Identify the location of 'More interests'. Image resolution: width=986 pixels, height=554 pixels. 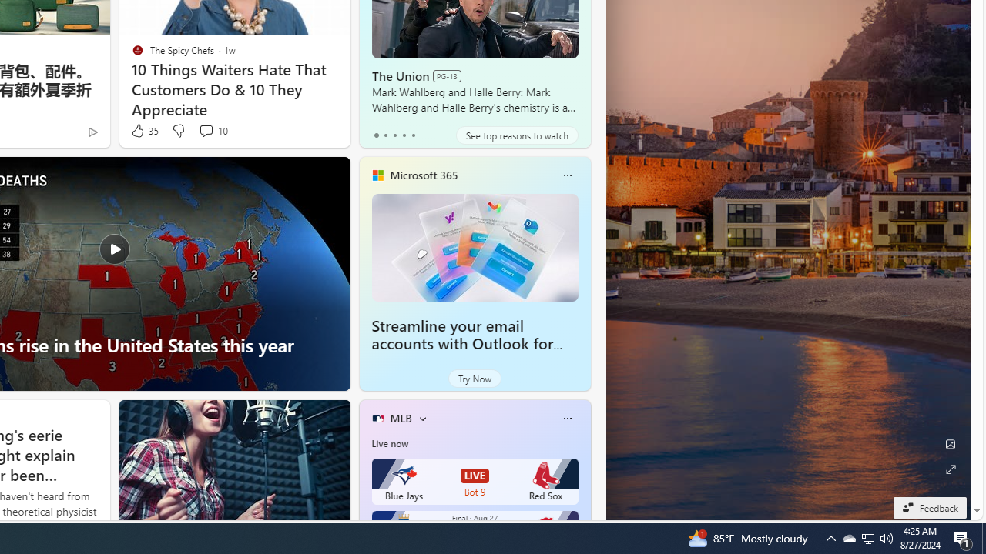
(422, 418).